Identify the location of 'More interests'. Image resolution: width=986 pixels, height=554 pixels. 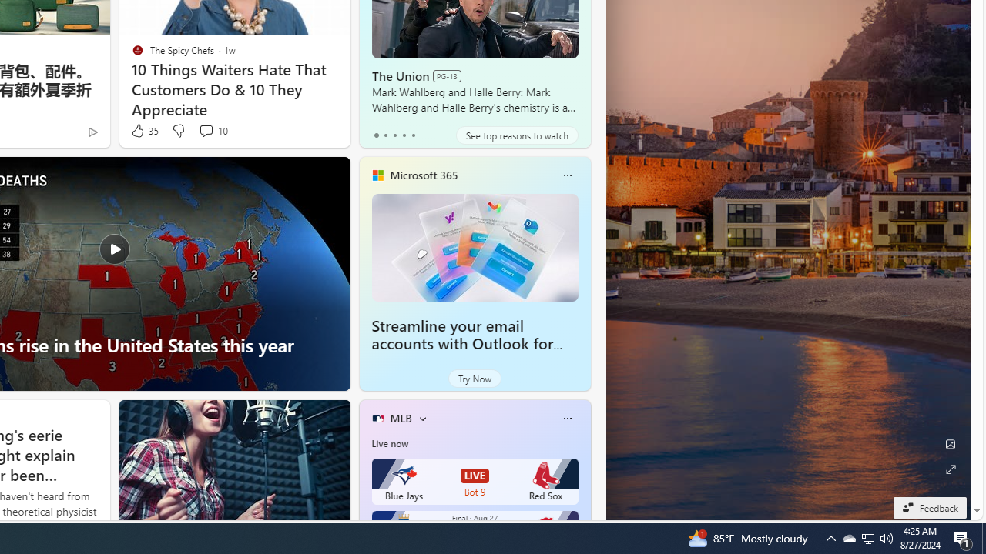
(422, 418).